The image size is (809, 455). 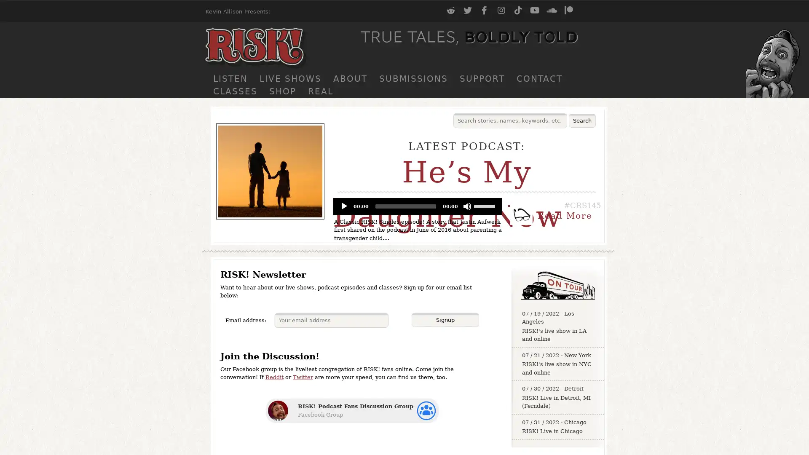 I want to click on Search, so click(x=582, y=120).